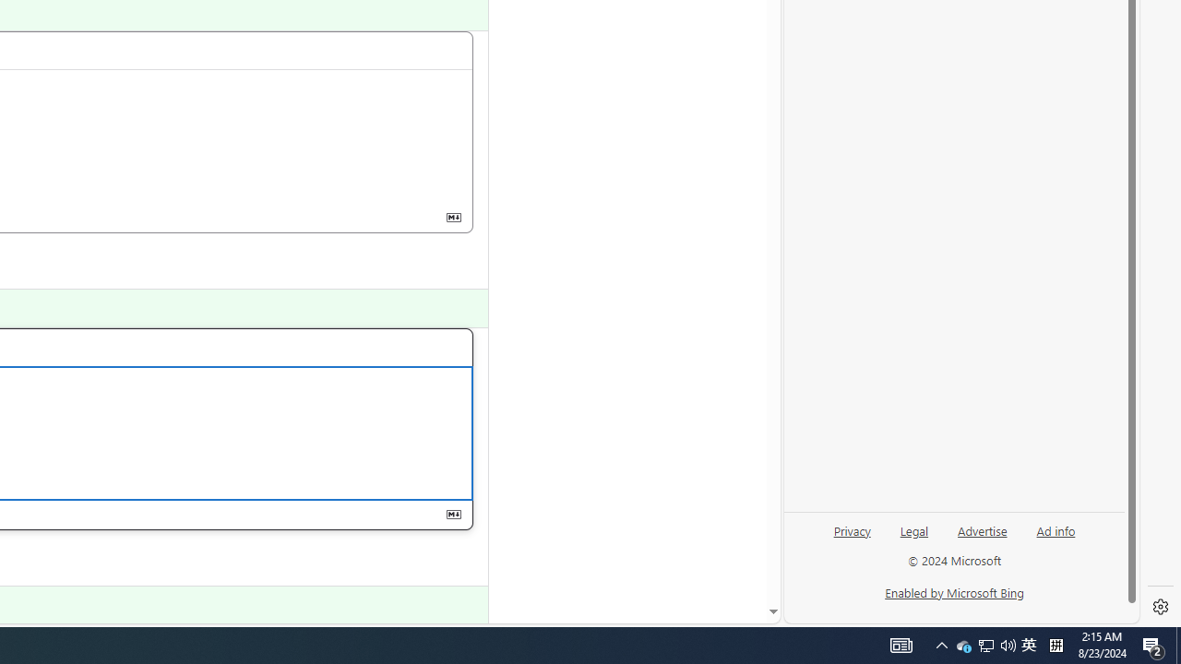  I want to click on 'Legal', so click(914, 529).